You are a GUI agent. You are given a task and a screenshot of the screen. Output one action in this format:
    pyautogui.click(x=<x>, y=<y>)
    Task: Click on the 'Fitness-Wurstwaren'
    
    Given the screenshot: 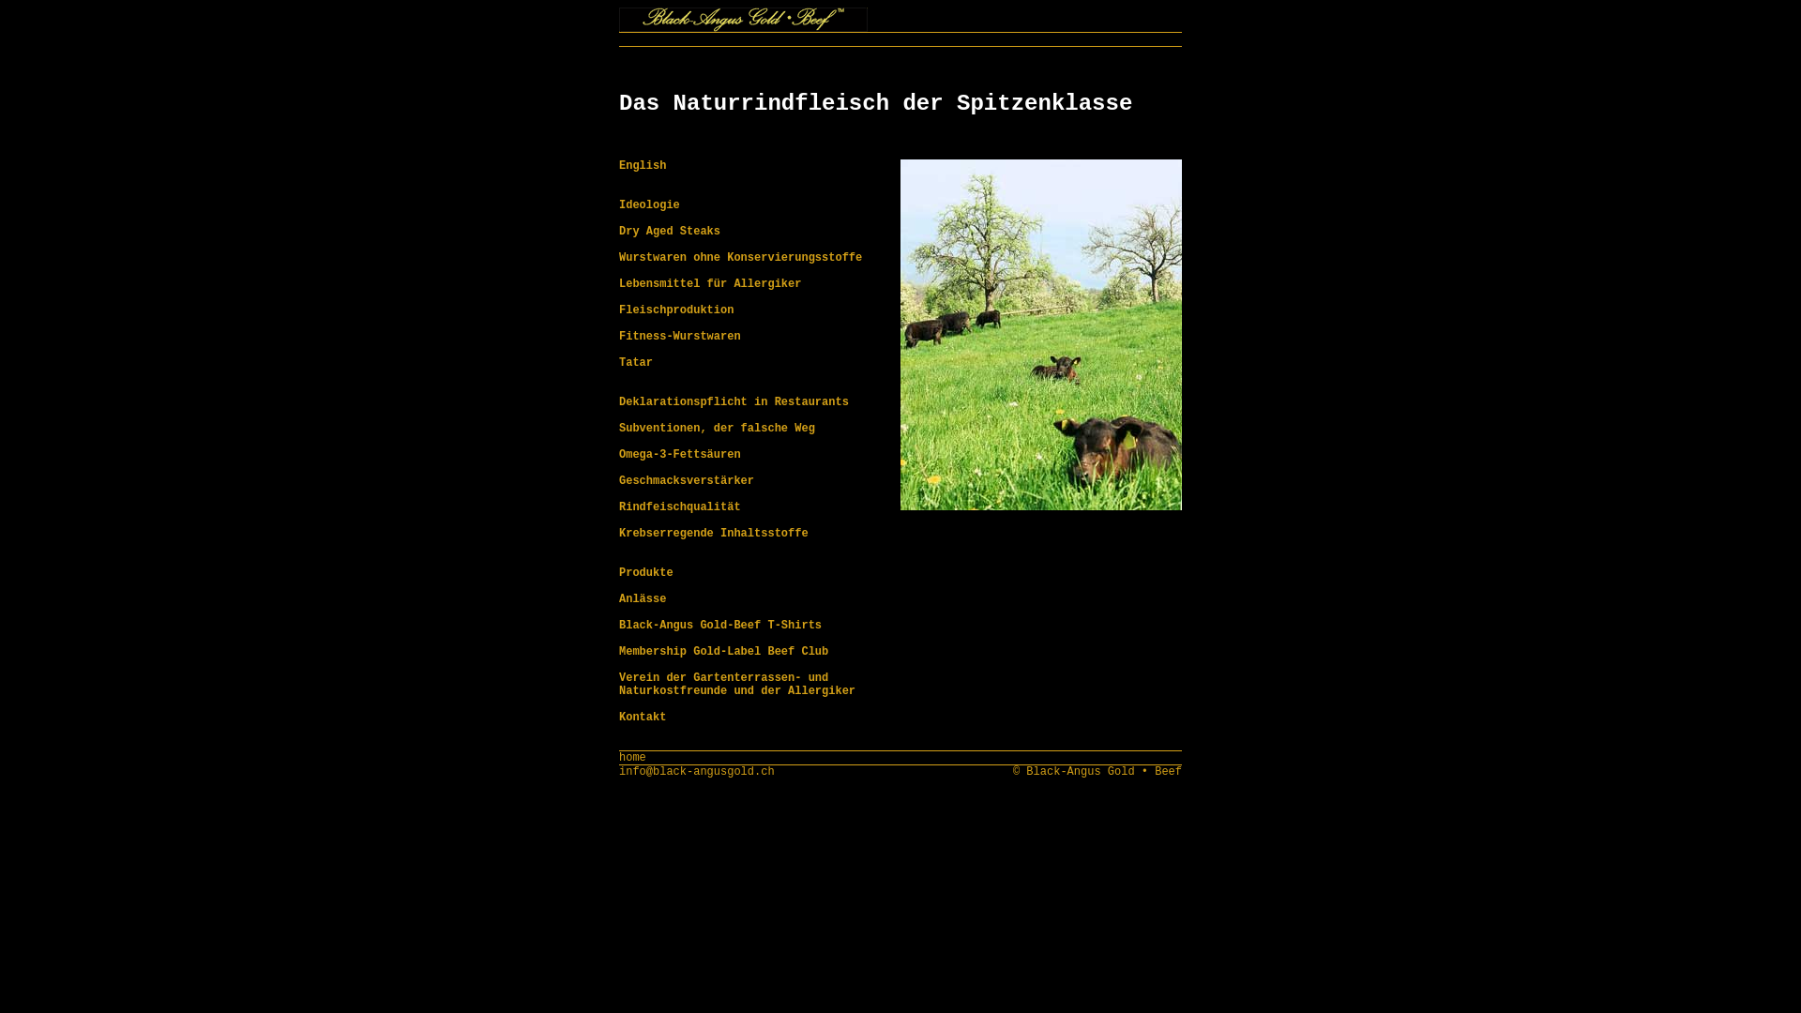 What is the action you would take?
    pyautogui.click(x=619, y=335)
    